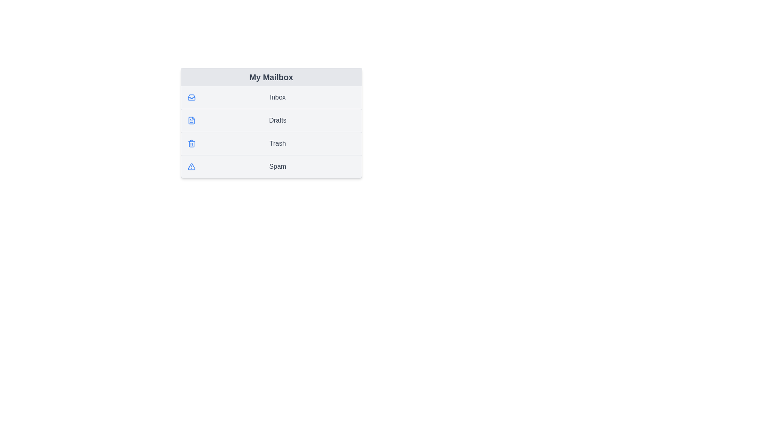 This screenshot has height=437, width=778. I want to click on the header text of the list component to read its content, so click(271, 77).